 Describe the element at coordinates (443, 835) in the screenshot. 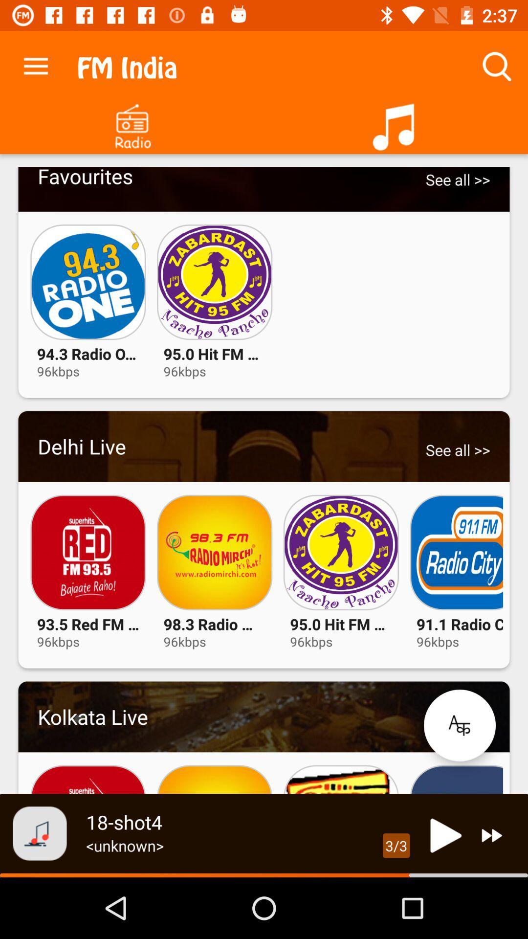

I see `the play icon` at that location.